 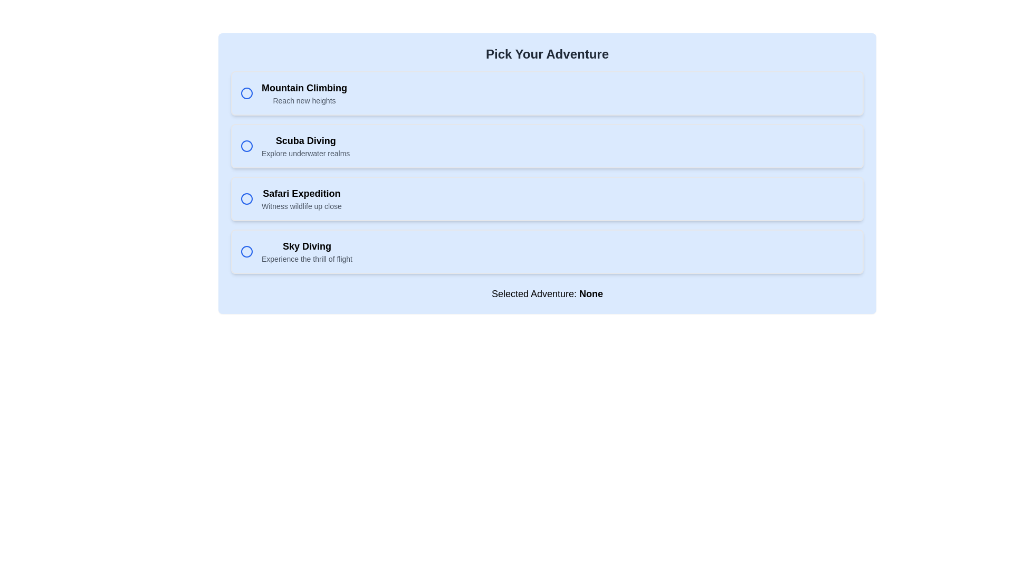 What do you see at coordinates (303, 87) in the screenshot?
I see `the main title label for the 'Mountain Climbing' adventure option, which is positioned at the upper-left section of its option card` at bounding box center [303, 87].